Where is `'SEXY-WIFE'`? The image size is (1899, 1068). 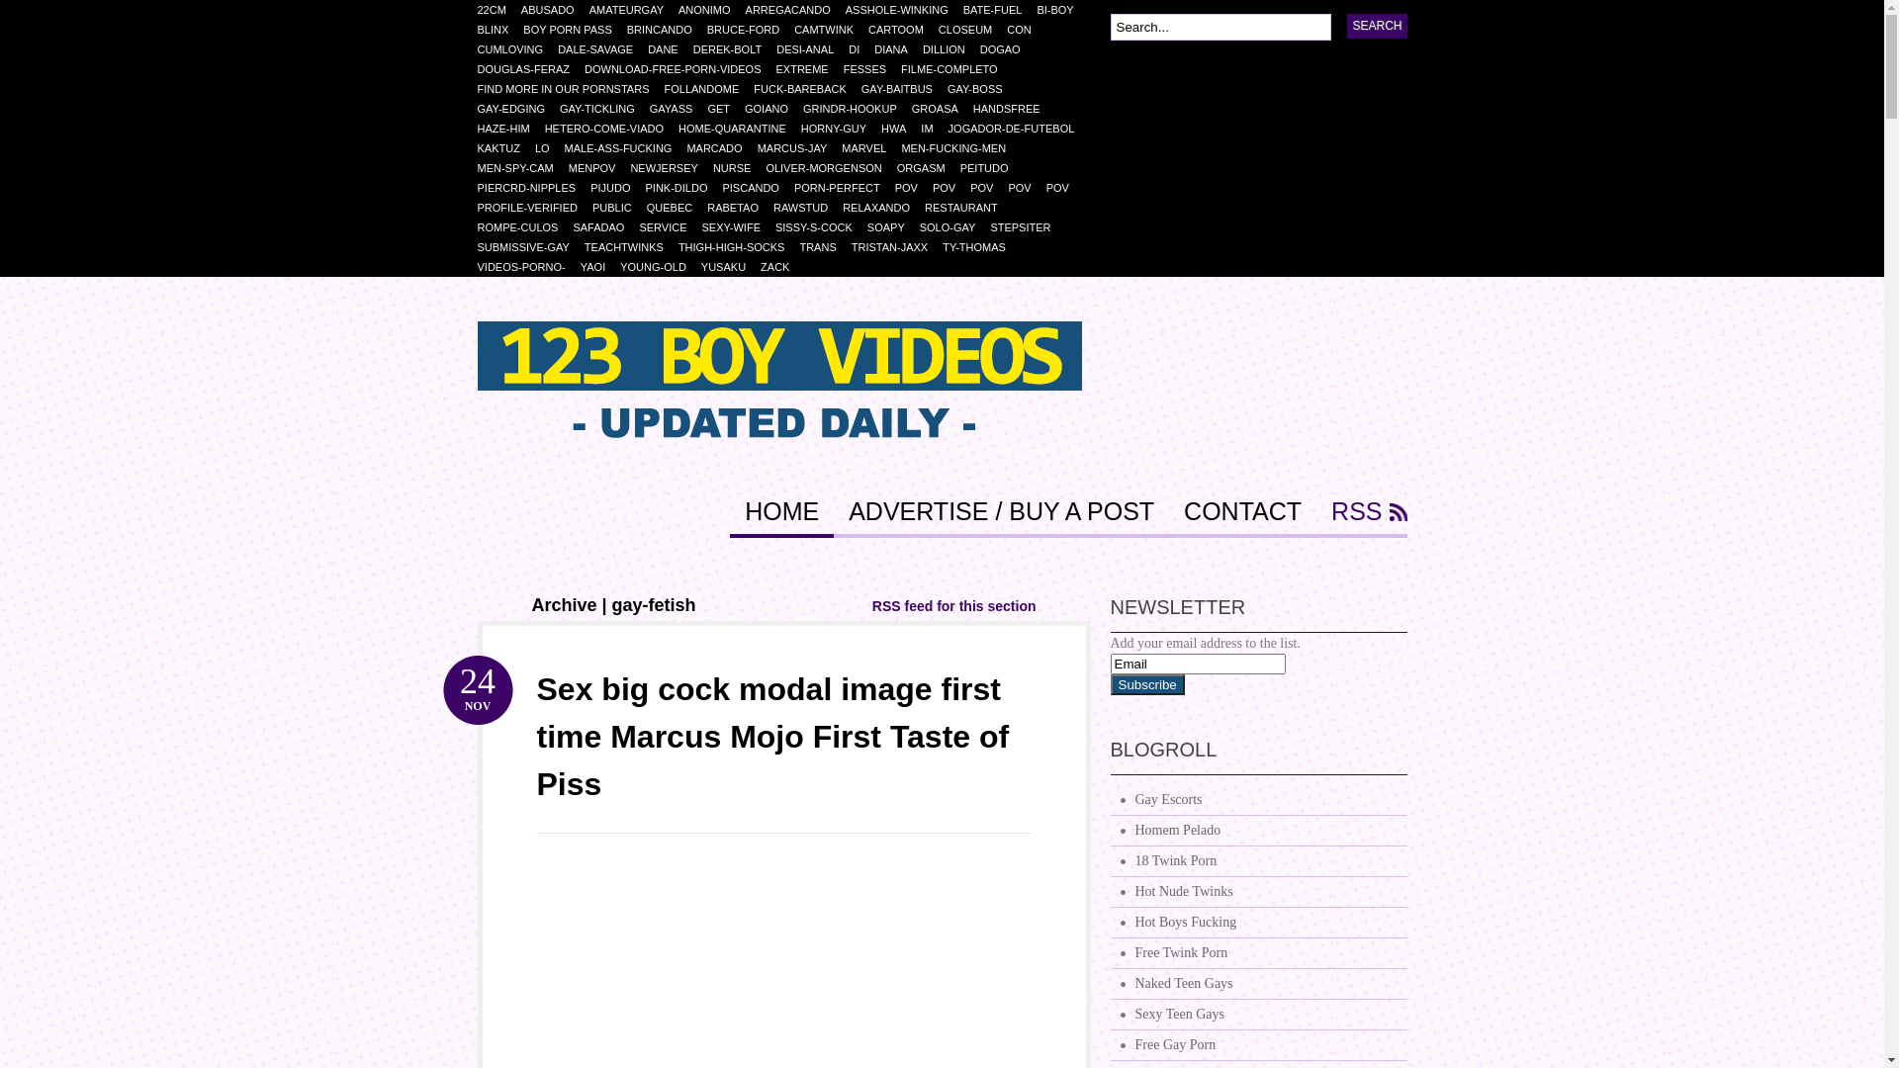 'SEXY-WIFE' is located at coordinates (737, 226).